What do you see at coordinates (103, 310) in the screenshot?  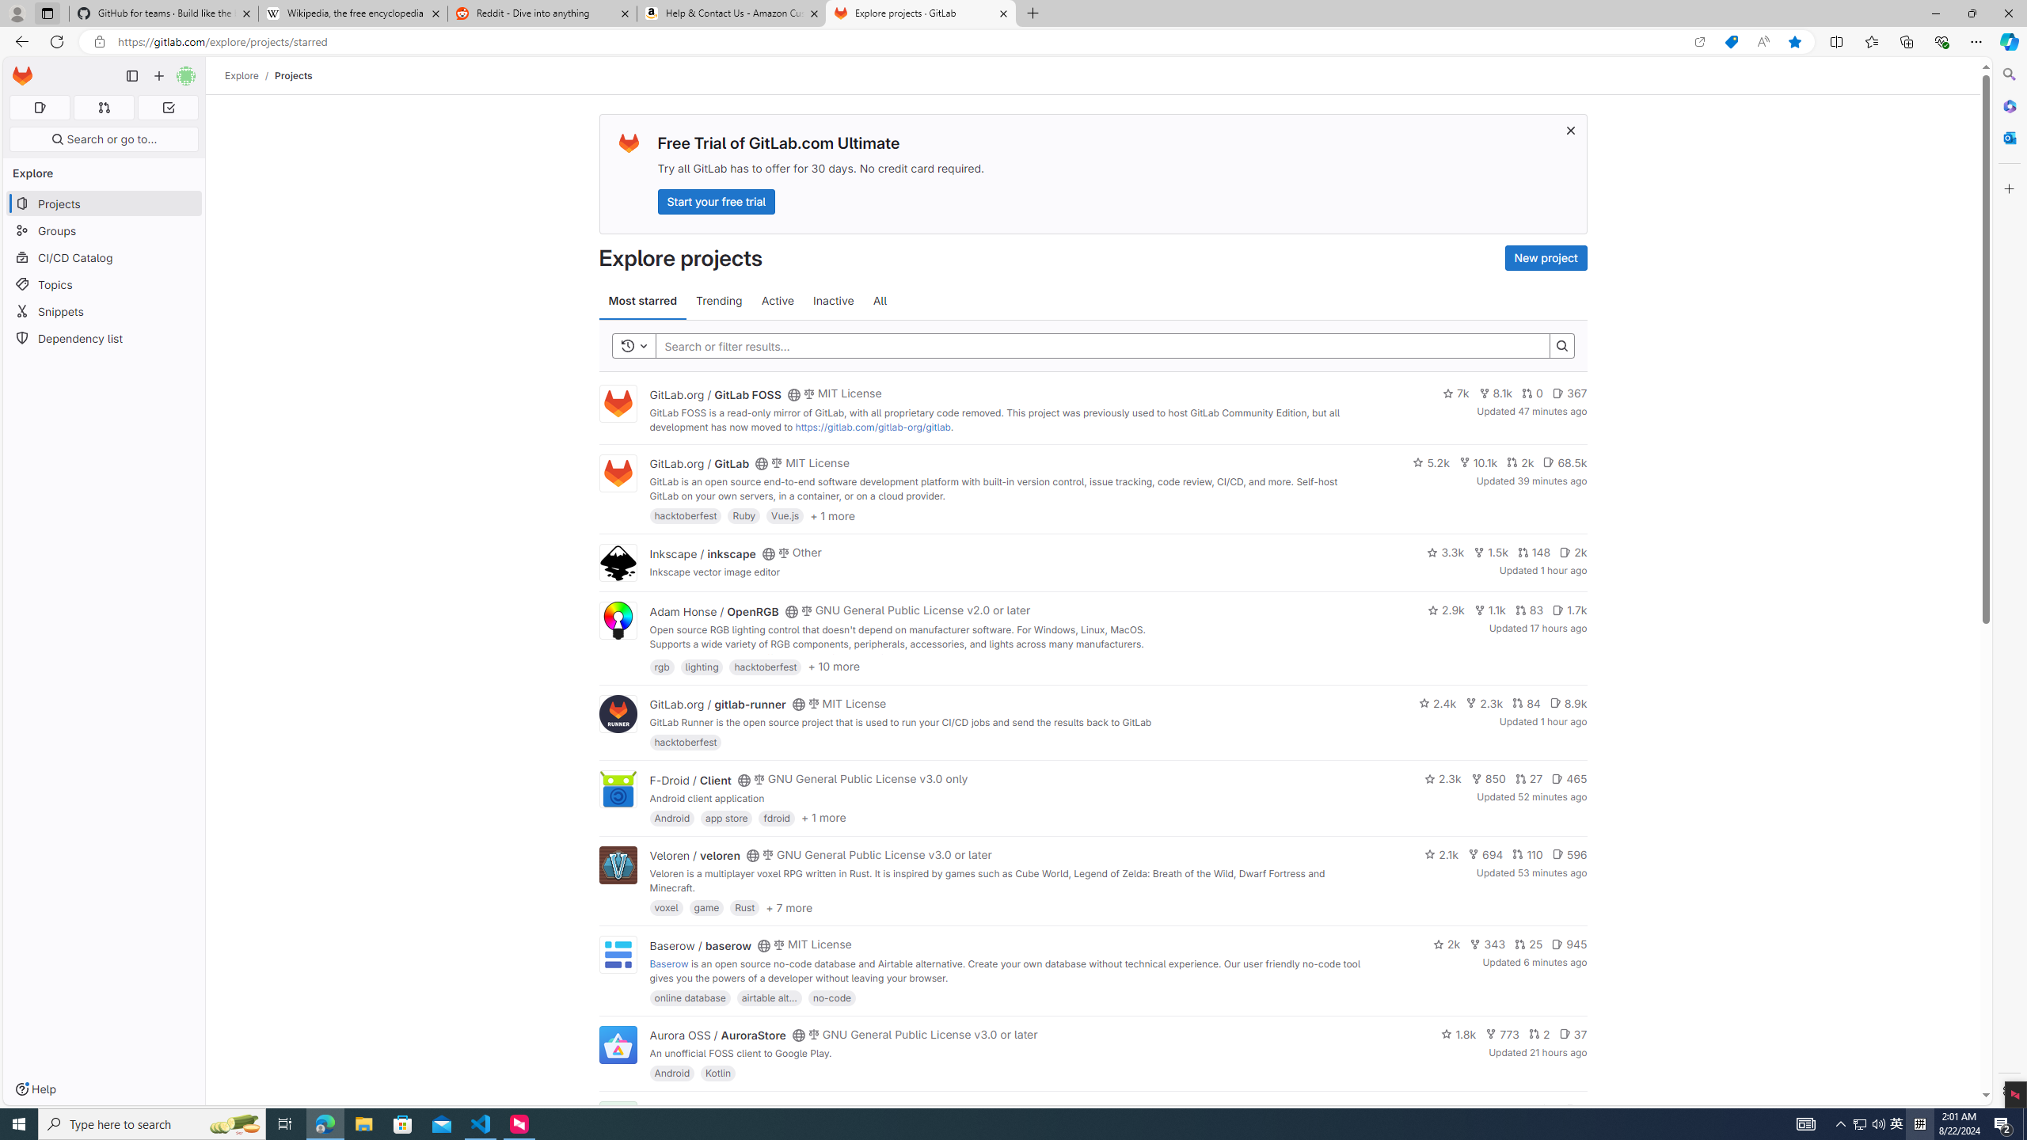 I see `'Snippets'` at bounding box center [103, 310].